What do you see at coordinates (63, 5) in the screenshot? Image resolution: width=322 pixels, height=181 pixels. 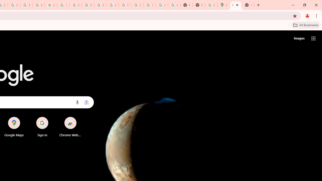 I see `'YouTube'` at bounding box center [63, 5].